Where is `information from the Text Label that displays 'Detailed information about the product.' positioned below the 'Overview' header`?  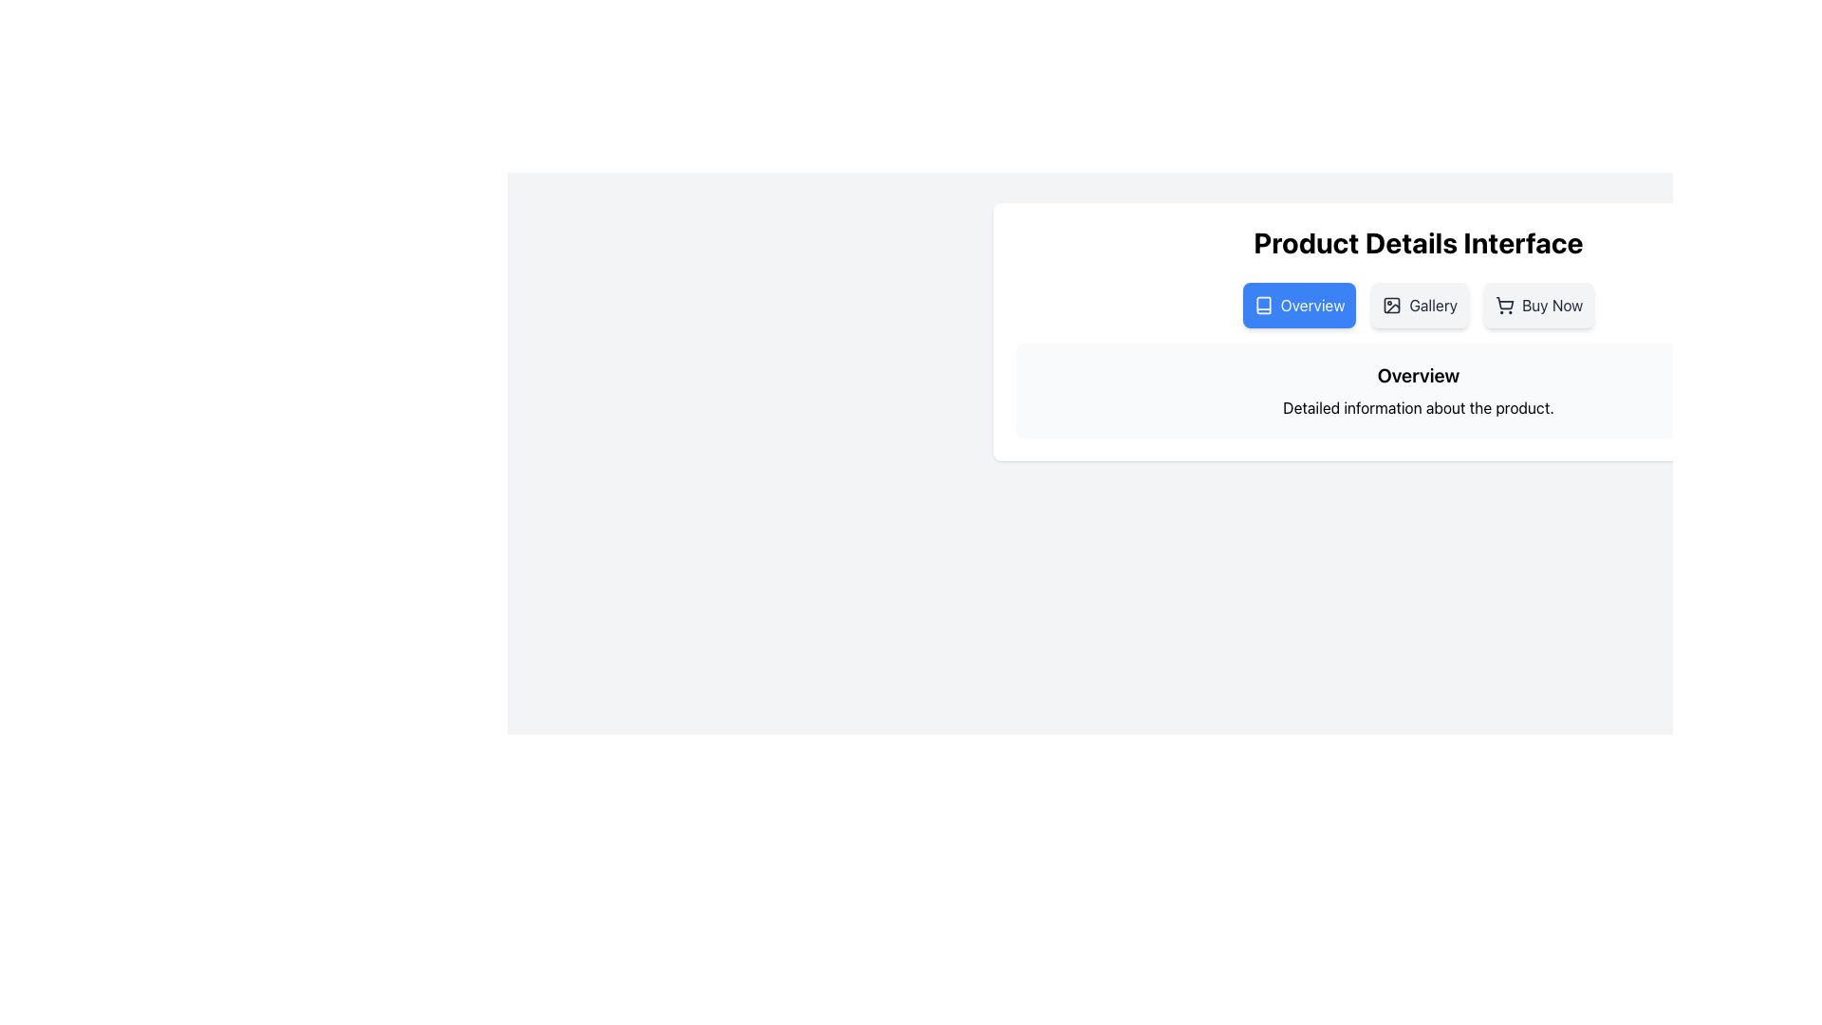 information from the Text Label that displays 'Detailed information about the product.' positioned below the 'Overview' header is located at coordinates (1418, 406).